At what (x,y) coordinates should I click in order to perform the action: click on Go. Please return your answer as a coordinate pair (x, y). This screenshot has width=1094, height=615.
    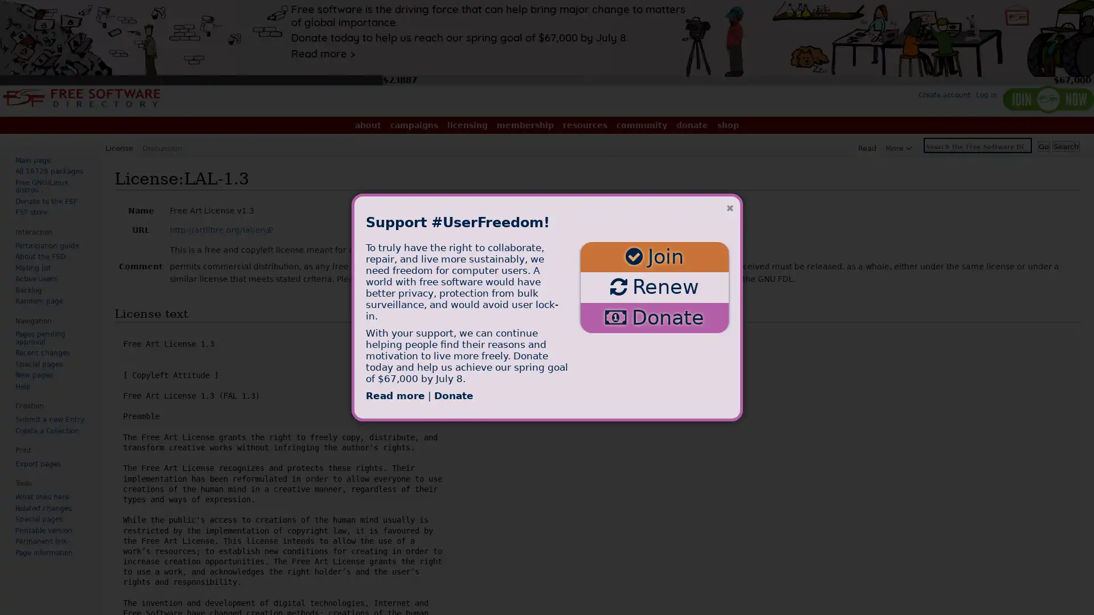
    Looking at the image, I should click on (1044, 146).